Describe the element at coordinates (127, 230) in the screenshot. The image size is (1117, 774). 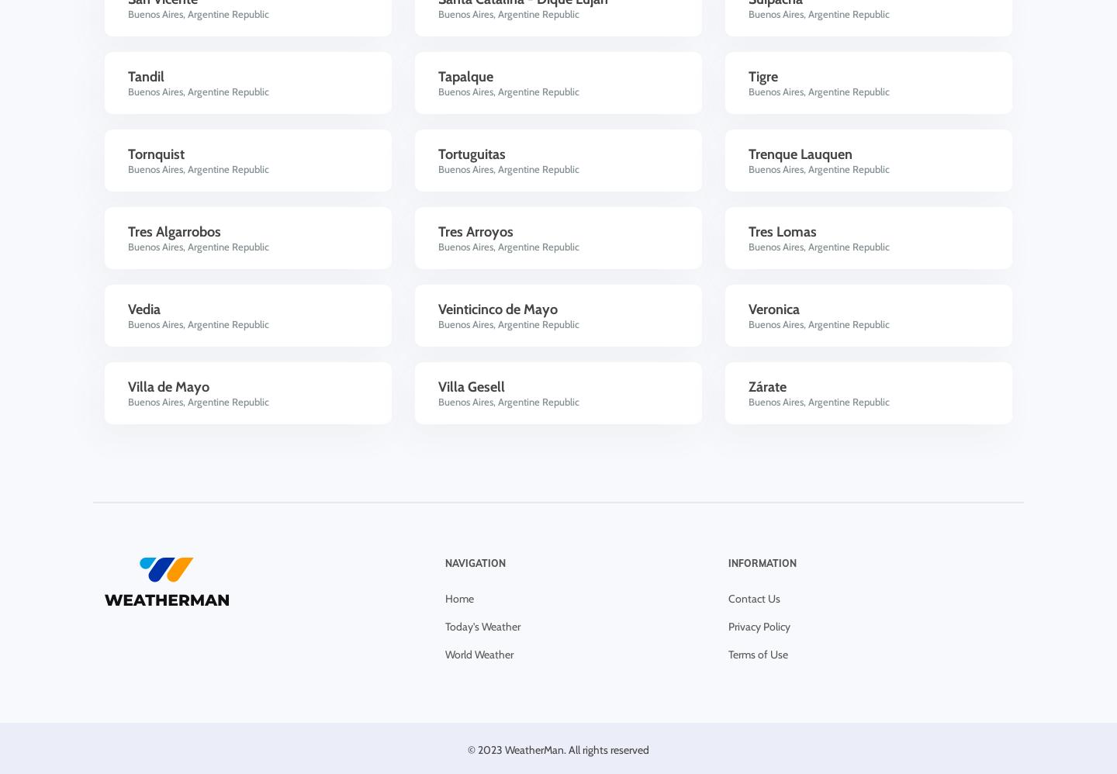
I see `'Tres Algarrobos'` at that location.